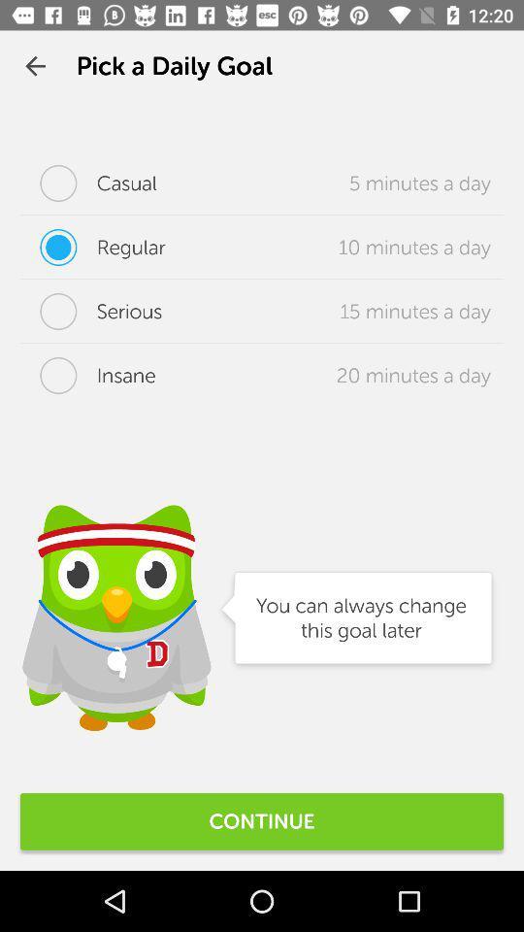  What do you see at coordinates (91, 246) in the screenshot?
I see `icon to the left of the 10 minutes a item` at bounding box center [91, 246].